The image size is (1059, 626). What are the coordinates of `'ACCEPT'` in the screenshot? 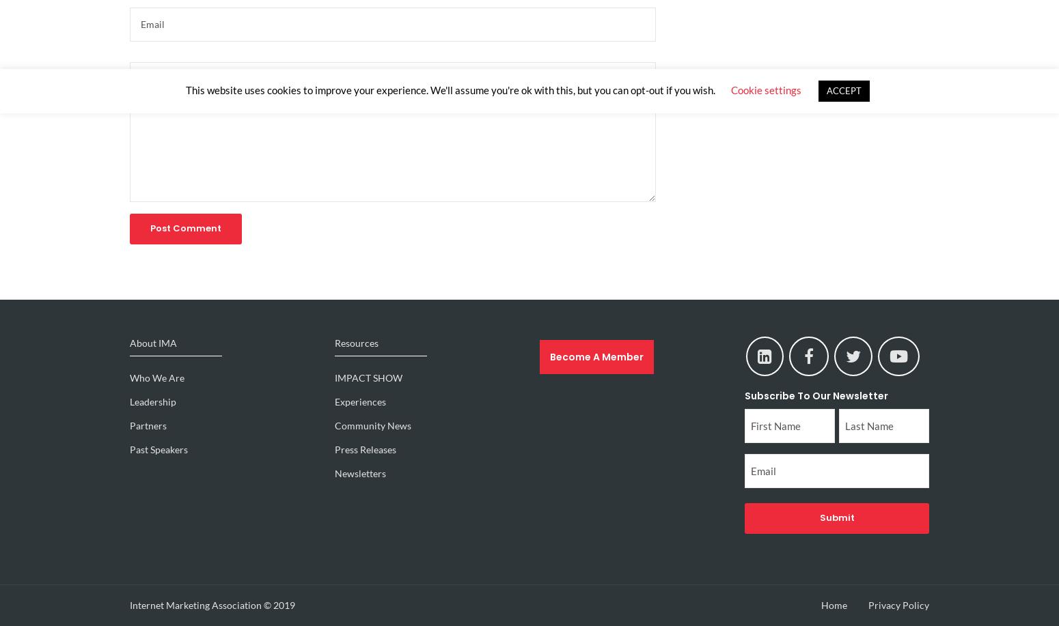 It's located at (844, 90).